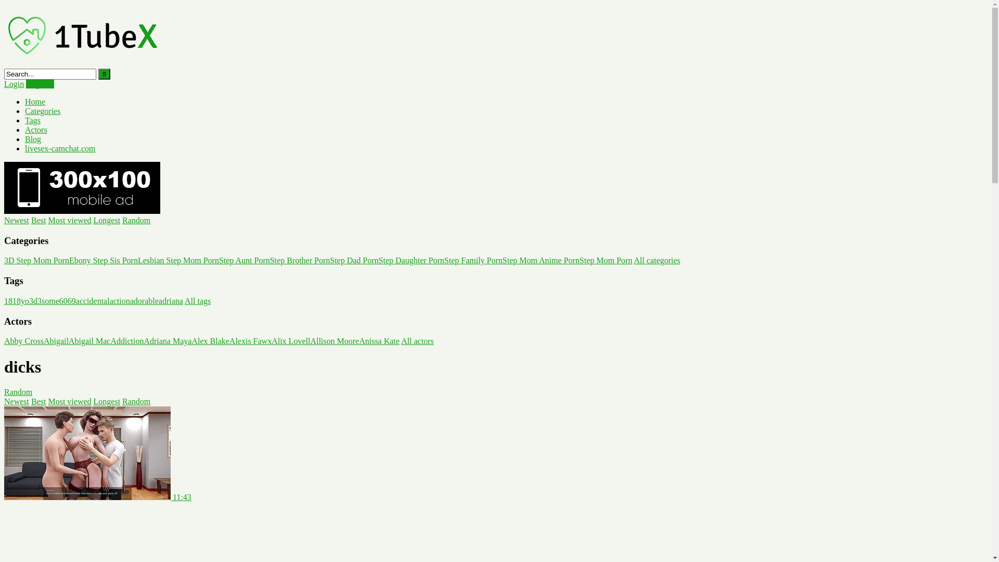 The height and width of the screenshot is (562, 999). What do you see at coordinates (4, 341) in the screenshot?
I see `'Abby Cross'` at bounding box center [4, 341].